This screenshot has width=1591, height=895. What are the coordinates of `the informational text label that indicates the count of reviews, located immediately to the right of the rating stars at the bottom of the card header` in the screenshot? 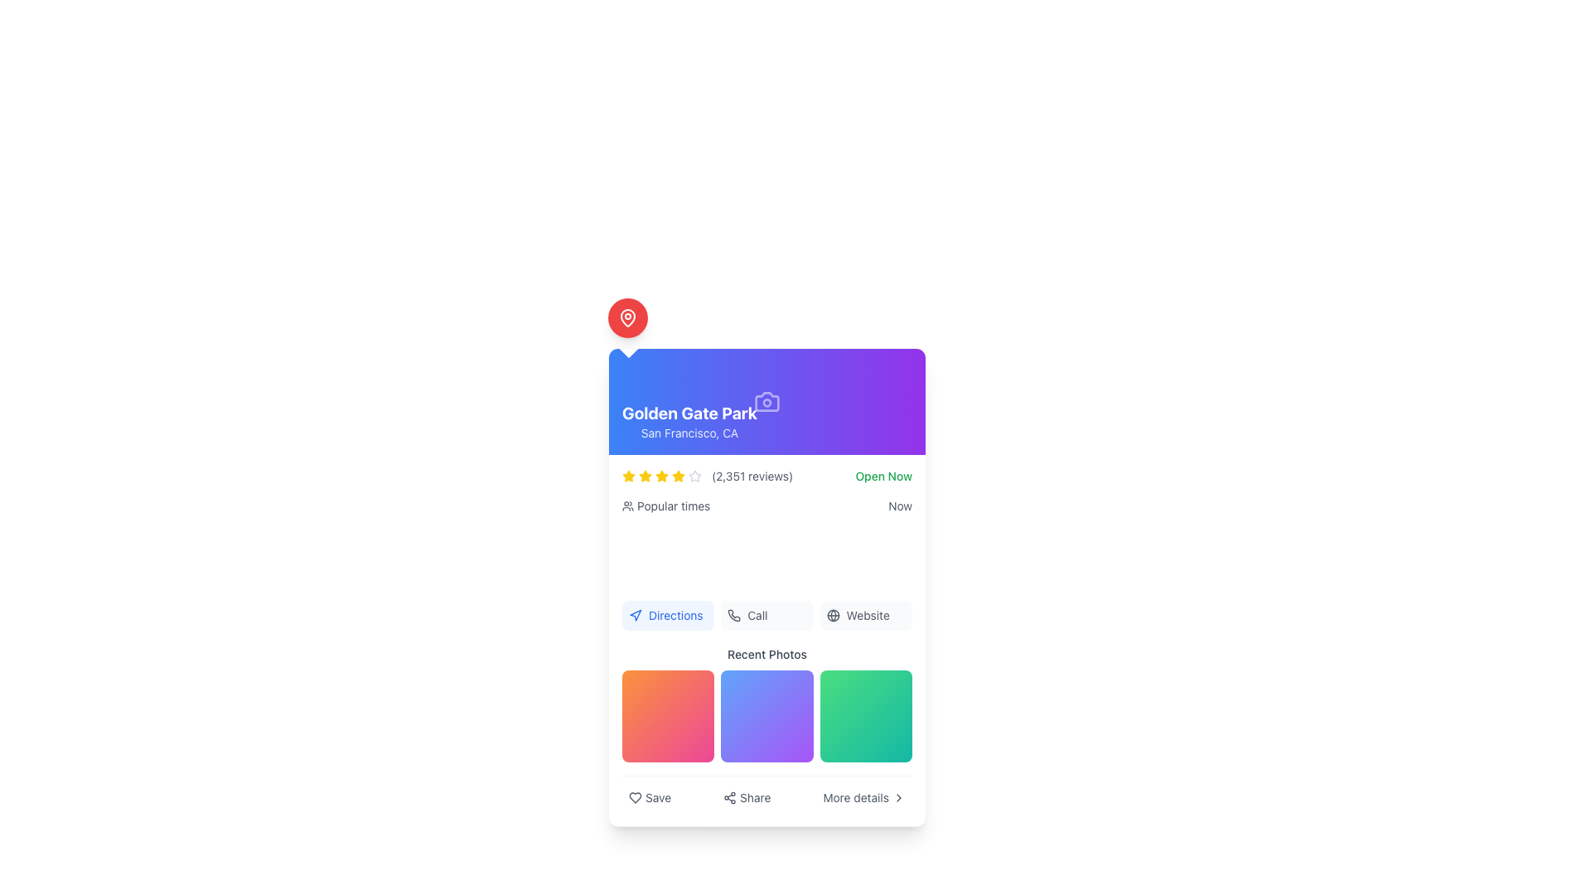 It's located at (708, 476).